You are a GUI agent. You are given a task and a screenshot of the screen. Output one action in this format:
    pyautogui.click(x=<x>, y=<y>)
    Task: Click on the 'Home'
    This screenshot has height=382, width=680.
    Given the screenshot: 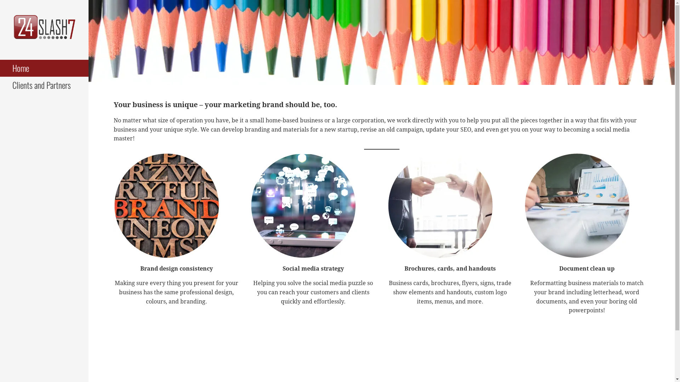 What is the action you would take?
    pyautogui.click(x=44, y=68)
    